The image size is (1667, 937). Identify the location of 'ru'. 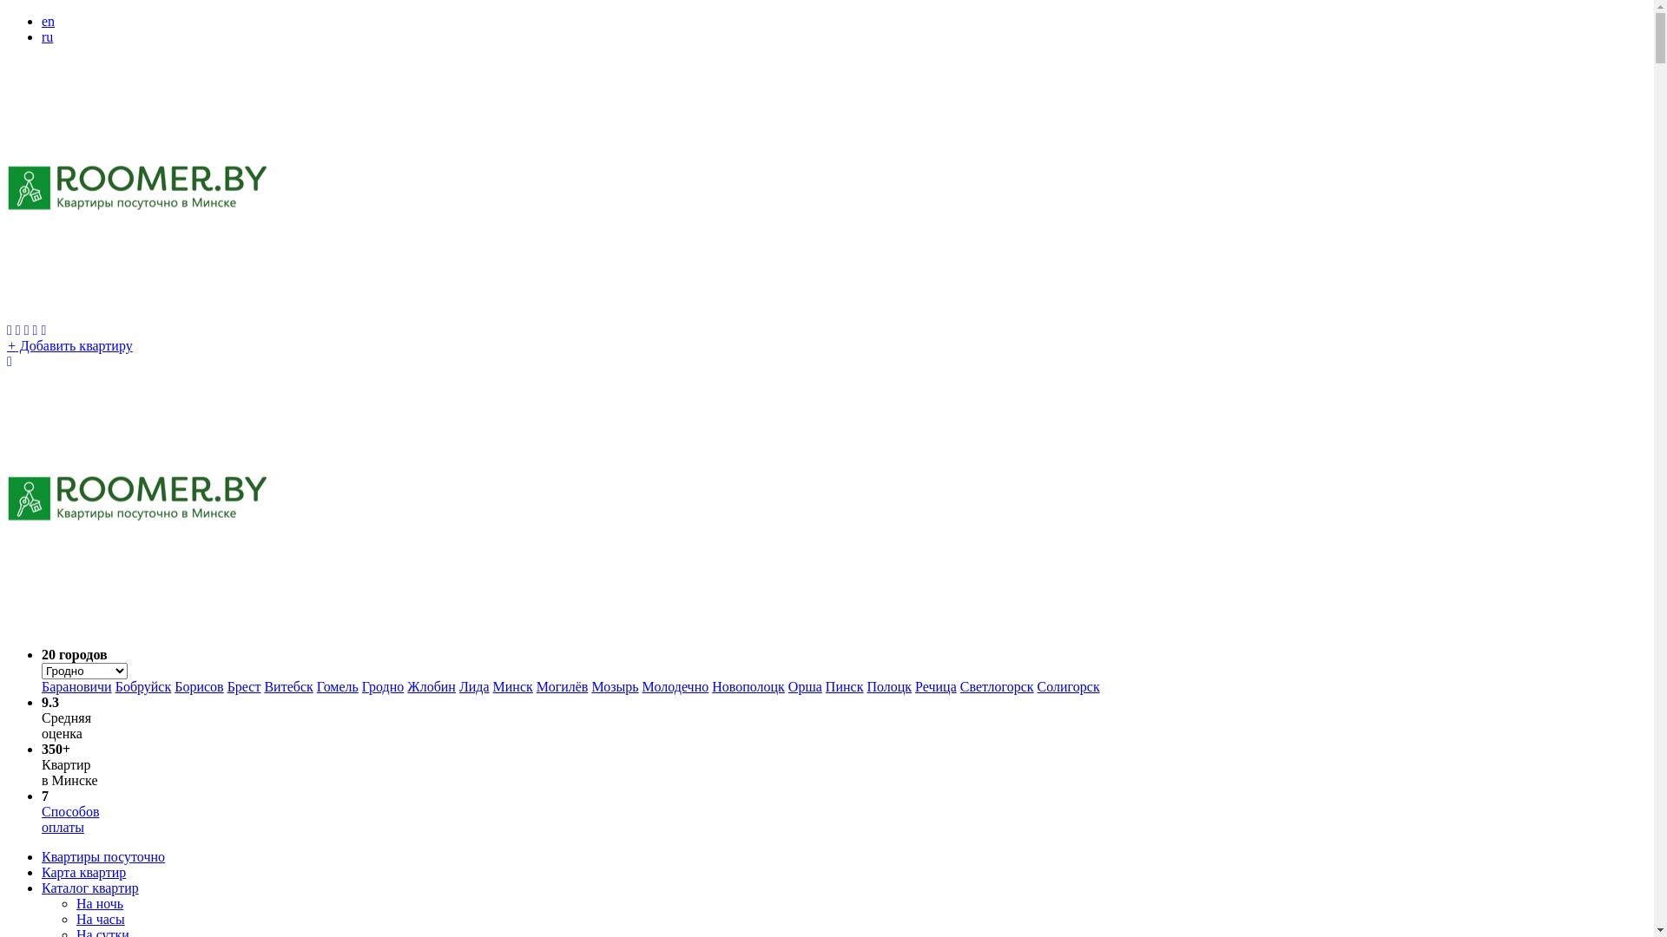
(47, 36).